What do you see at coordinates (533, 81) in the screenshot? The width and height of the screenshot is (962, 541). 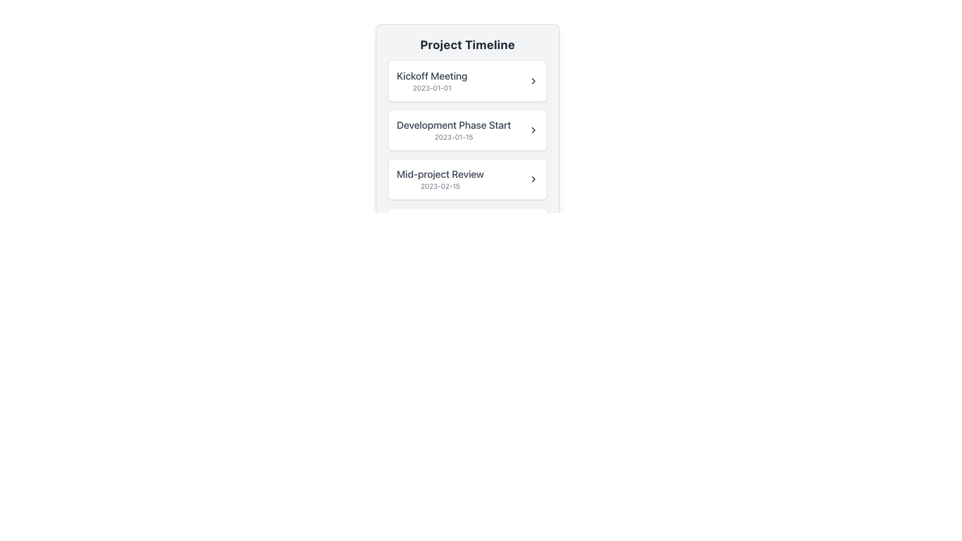 I see `the right-pointing chevron icon located in the 'Kickoff Meeting' card` at bounding box center [533, 81].